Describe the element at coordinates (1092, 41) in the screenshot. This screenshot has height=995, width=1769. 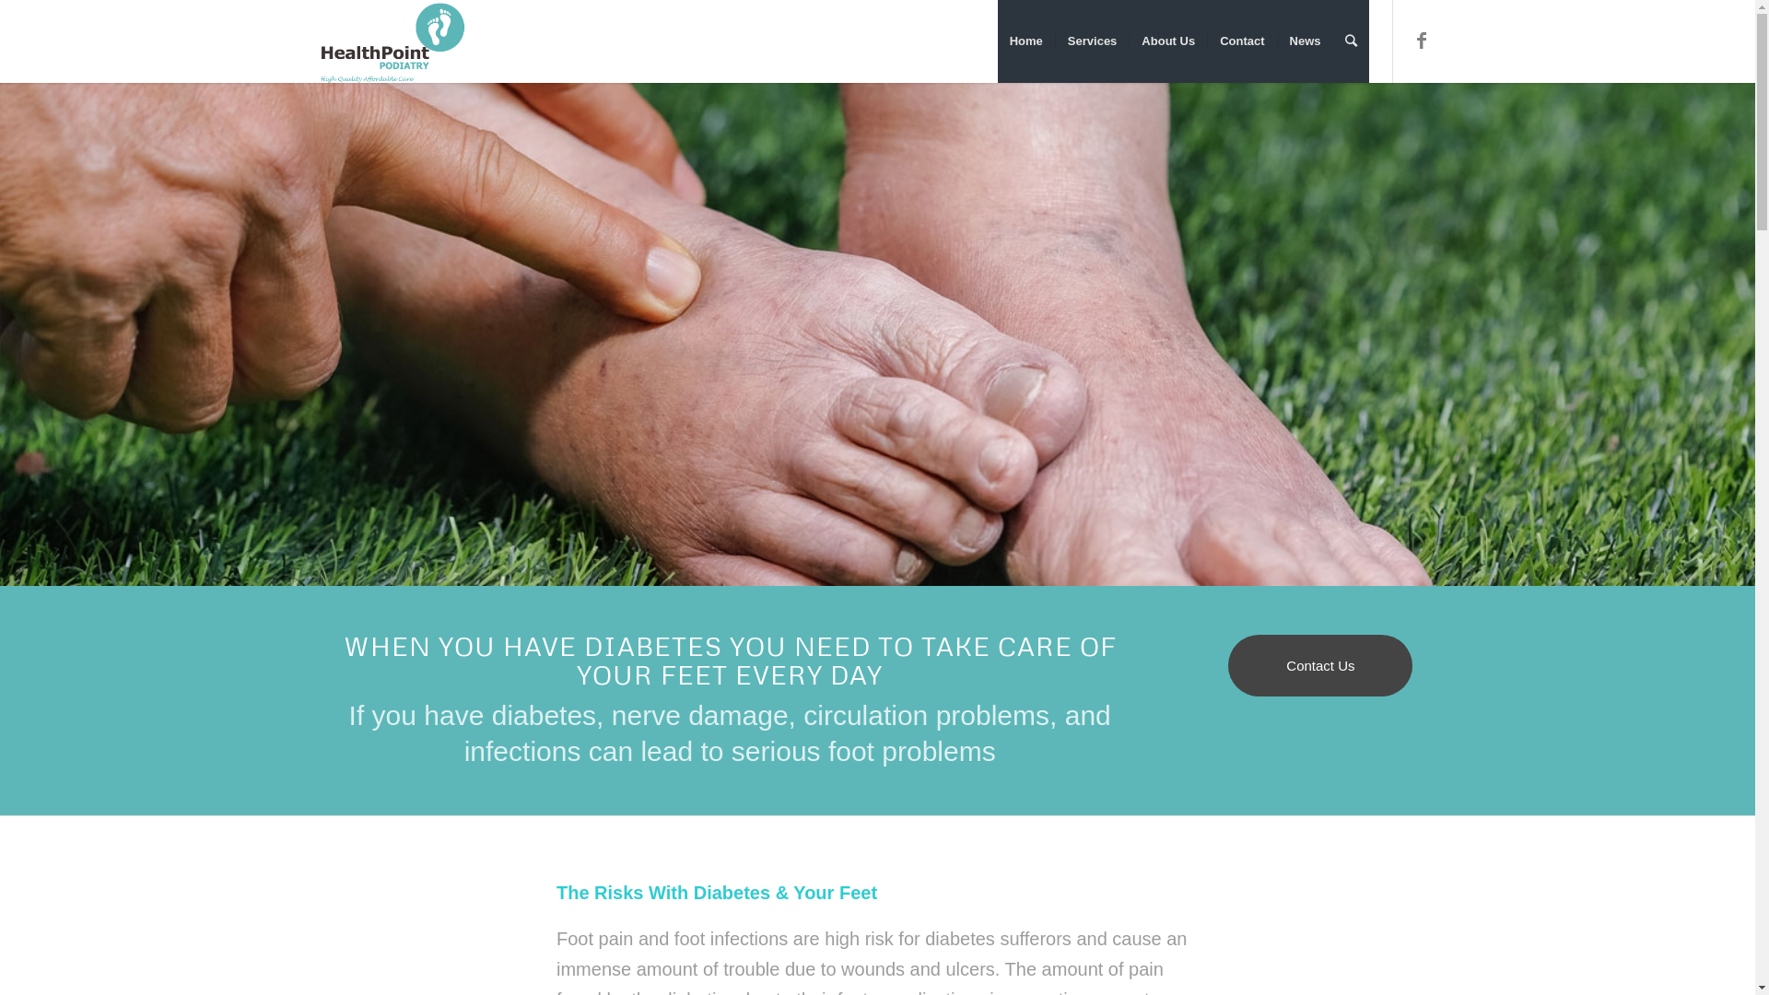
I see `'Services'` at that location.